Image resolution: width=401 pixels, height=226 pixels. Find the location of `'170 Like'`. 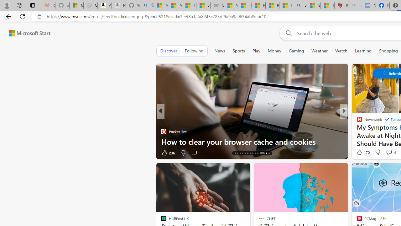

'170 Like' is located at coordinates (362, 152).